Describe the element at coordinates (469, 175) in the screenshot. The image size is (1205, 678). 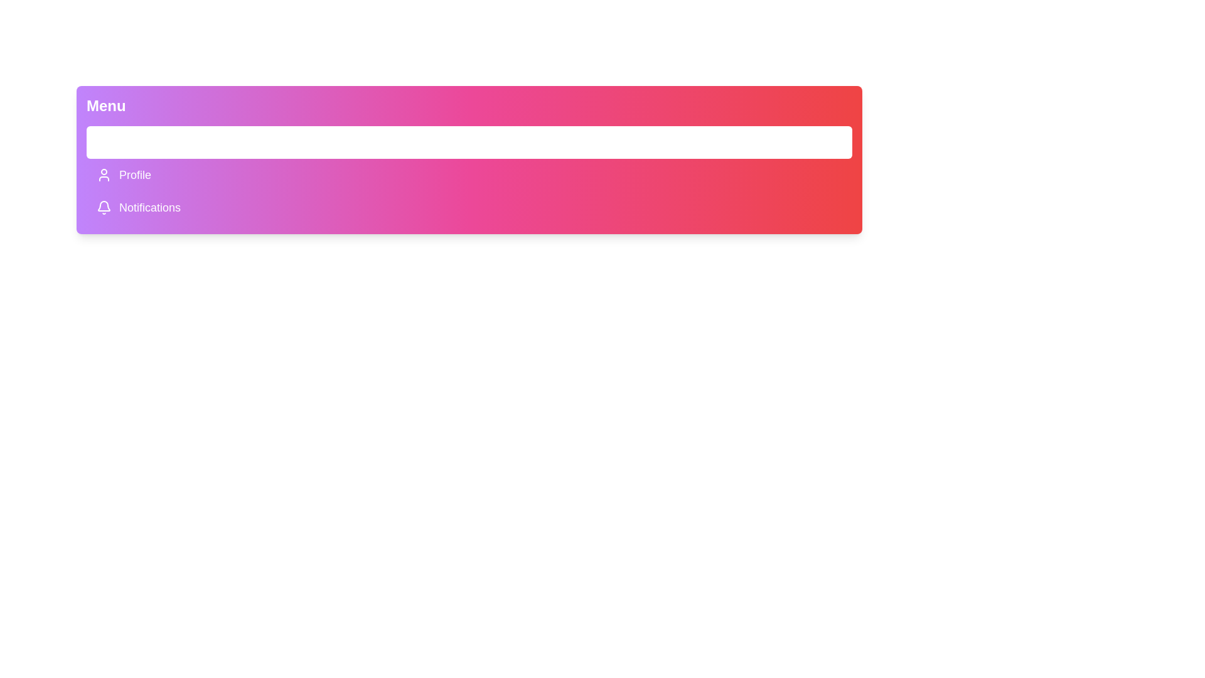
I see `the menu item Profile to navigate` at that location.